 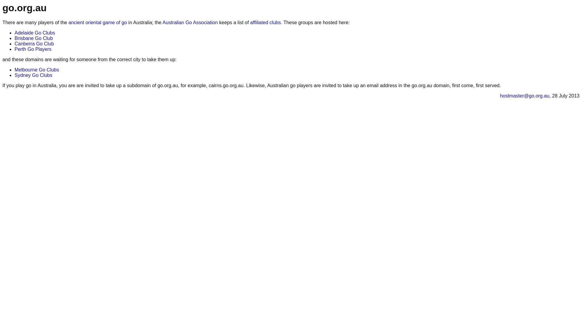 I want to click on 'hostmaster@go.org.au', so click(x=524, y=95).